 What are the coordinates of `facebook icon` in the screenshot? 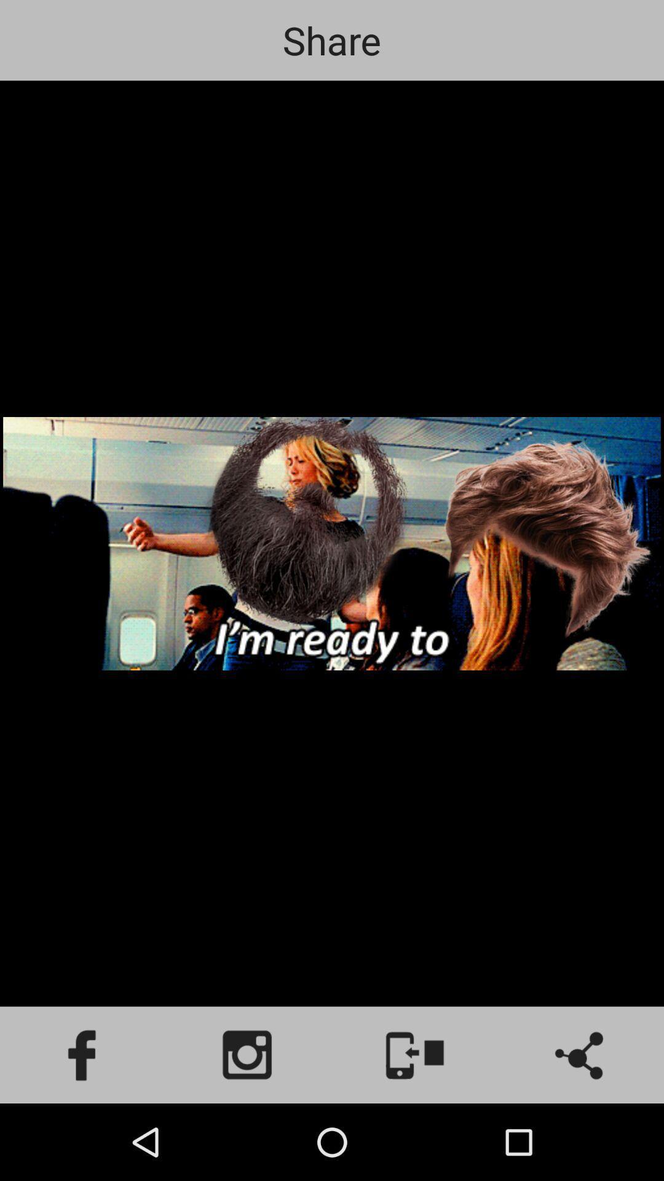 It's located at (83, 1054).